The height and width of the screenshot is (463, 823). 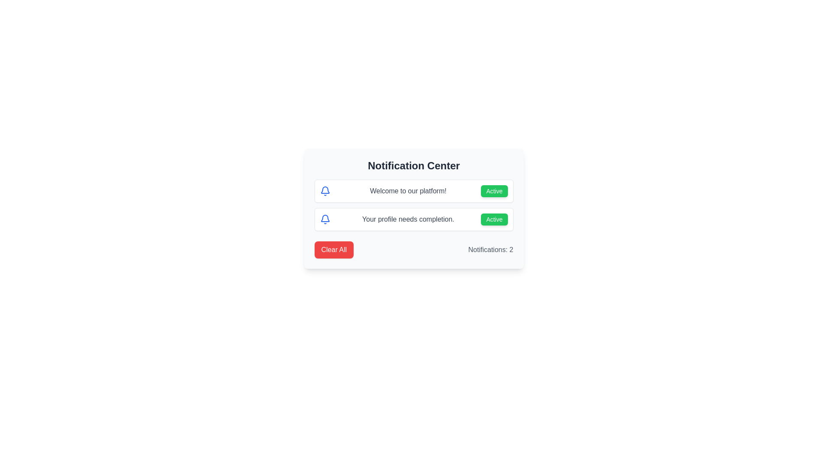 What do you see at coordinates (408, 219) in the screenshot?
I see `the text label stating 'Your profile needs completion.' which is styled in gray font and located within a notification card, specifically the second notification message` at bounding box center [408, 219].